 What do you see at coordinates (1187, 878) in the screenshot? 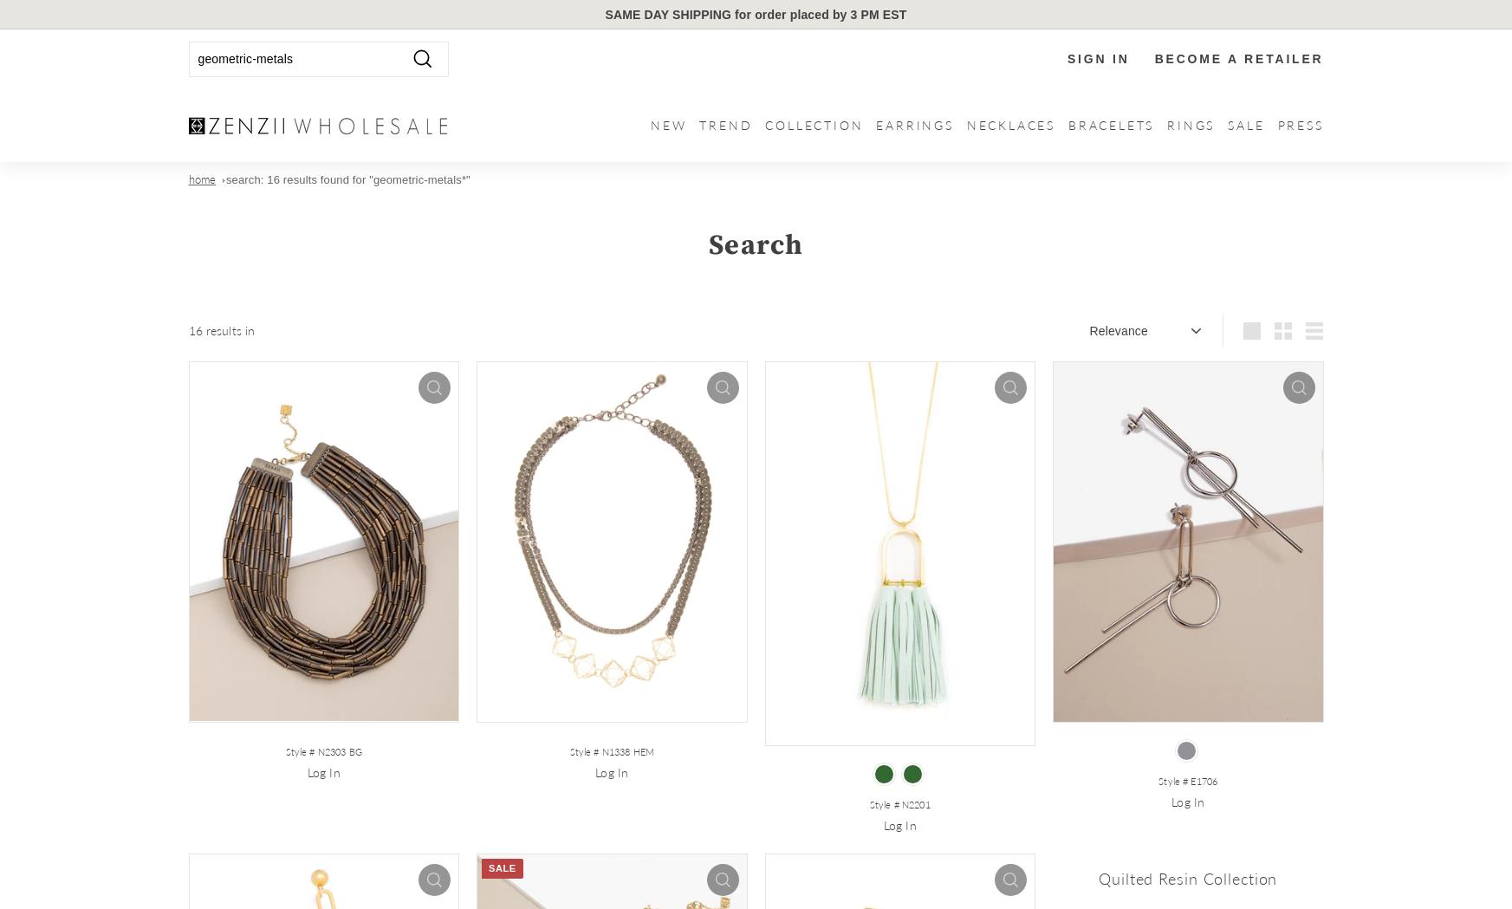
I see `'Quilted Resin Collection'` at bounding box center [1187, 878].